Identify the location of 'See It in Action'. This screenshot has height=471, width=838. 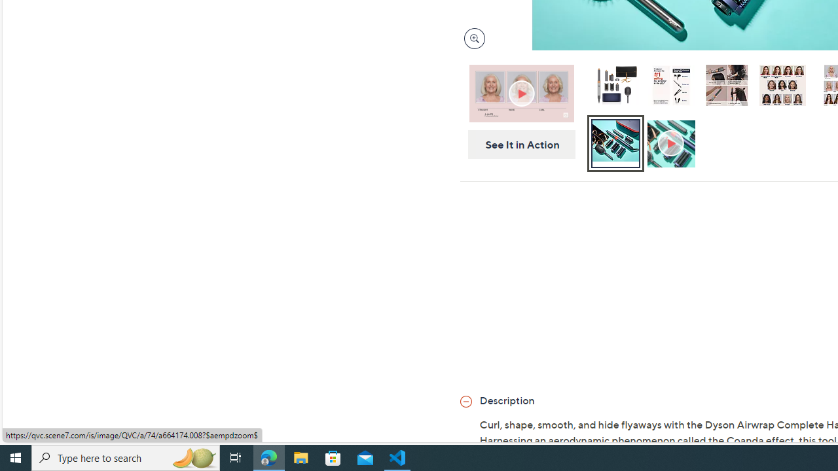
(517, 145).